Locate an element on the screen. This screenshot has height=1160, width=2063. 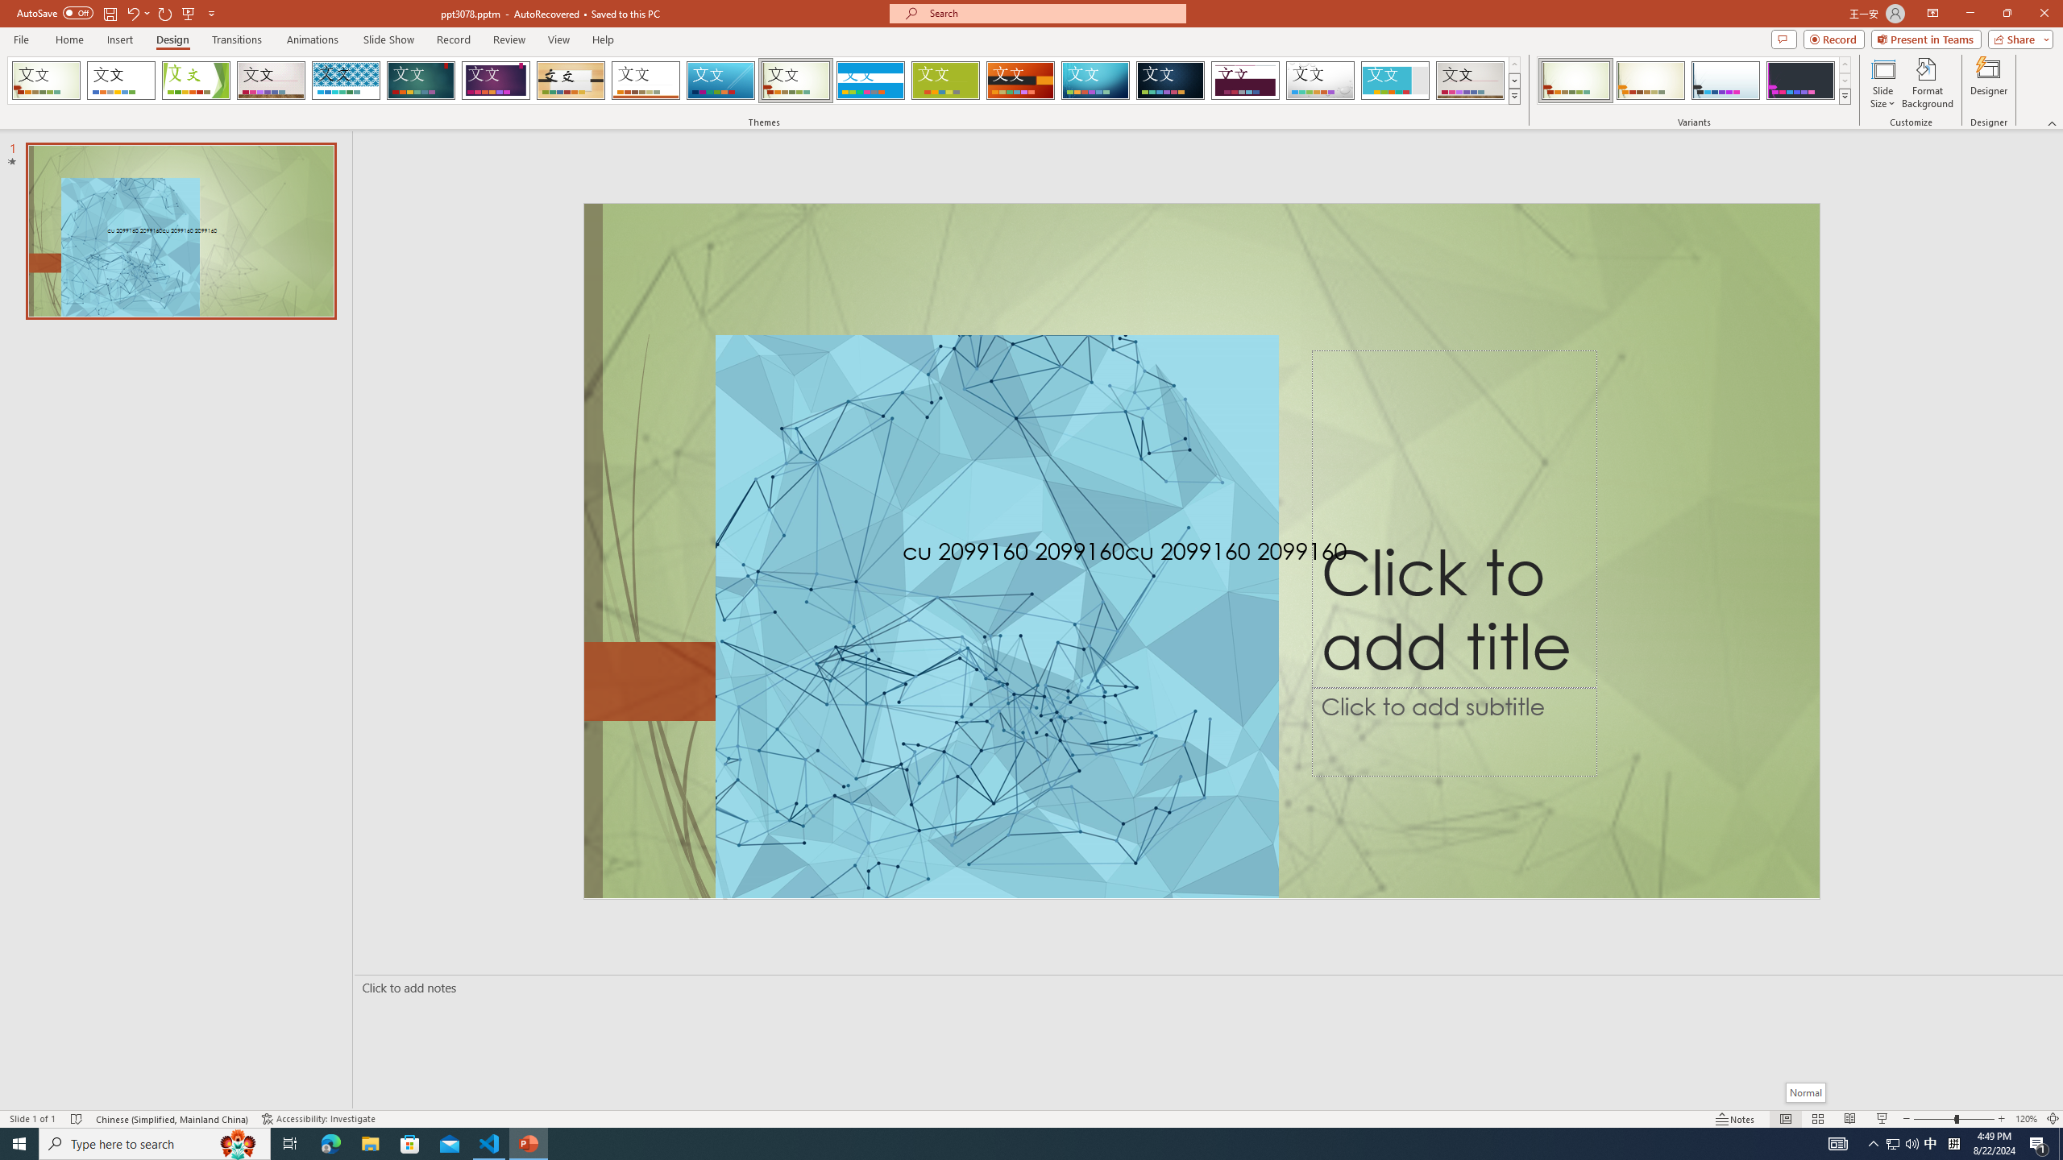
'Banded Loading Preview...' is located at coordinates (870, 80).